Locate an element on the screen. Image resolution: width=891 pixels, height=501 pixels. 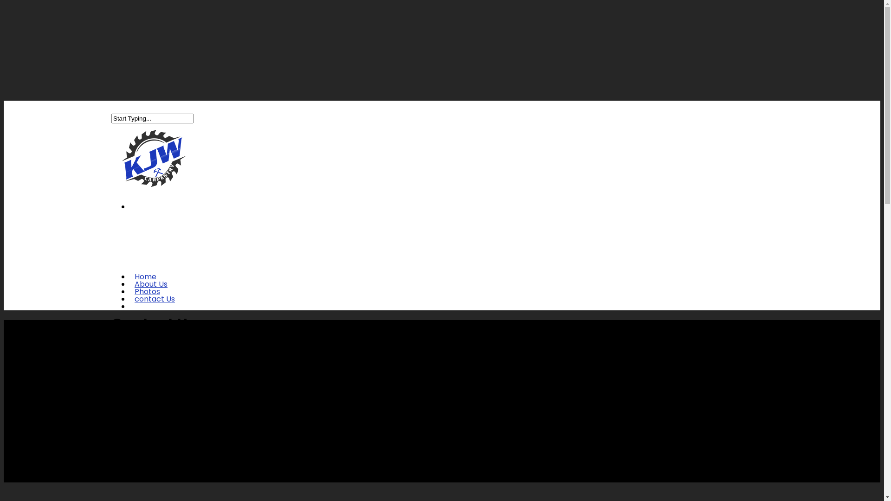
'Photos' is located at coordinates (147, 298).